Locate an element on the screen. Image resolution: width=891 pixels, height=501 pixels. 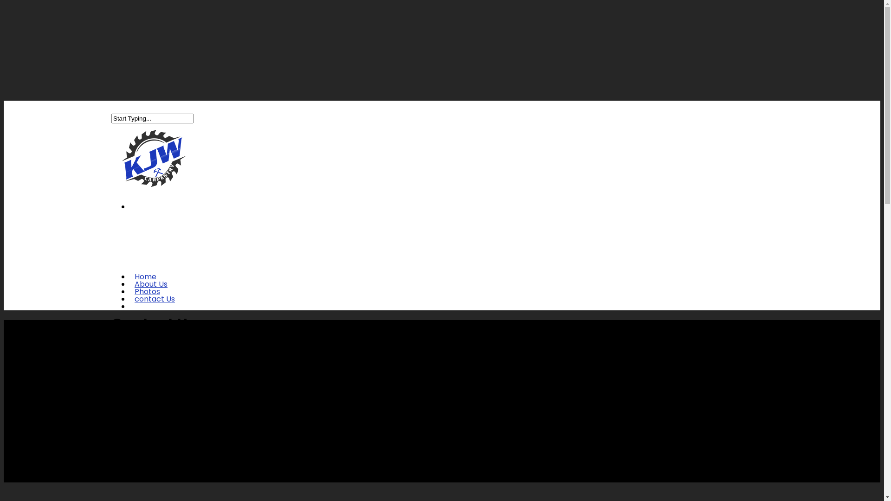
'Photos' is located at coordinates (147, 298).